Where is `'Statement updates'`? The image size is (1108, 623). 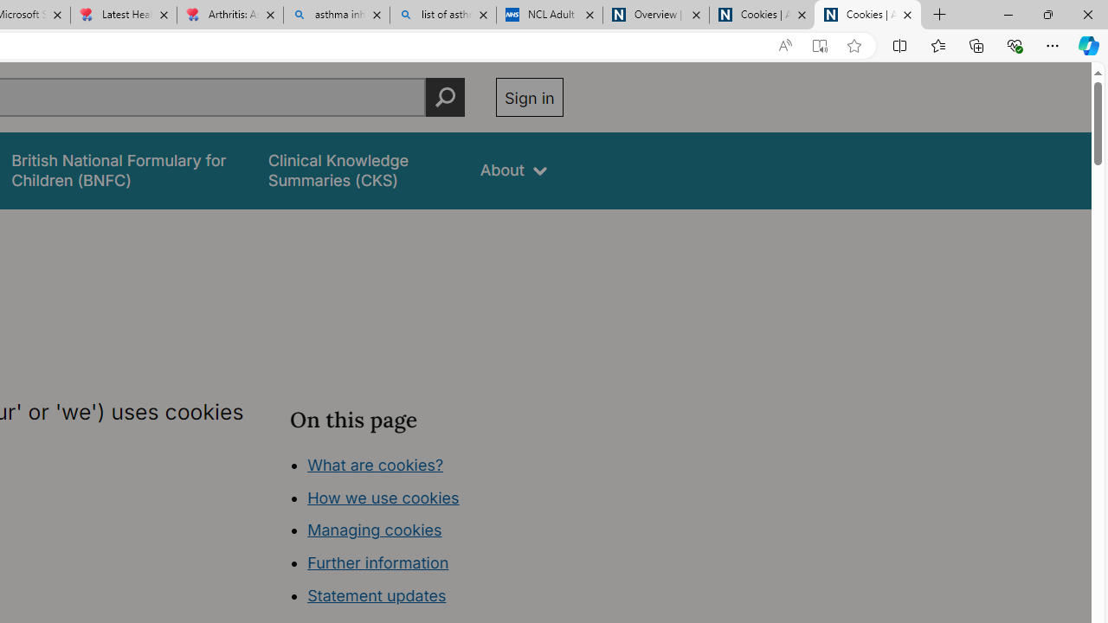 'Statement updates' is located at coordinates (376, 595).